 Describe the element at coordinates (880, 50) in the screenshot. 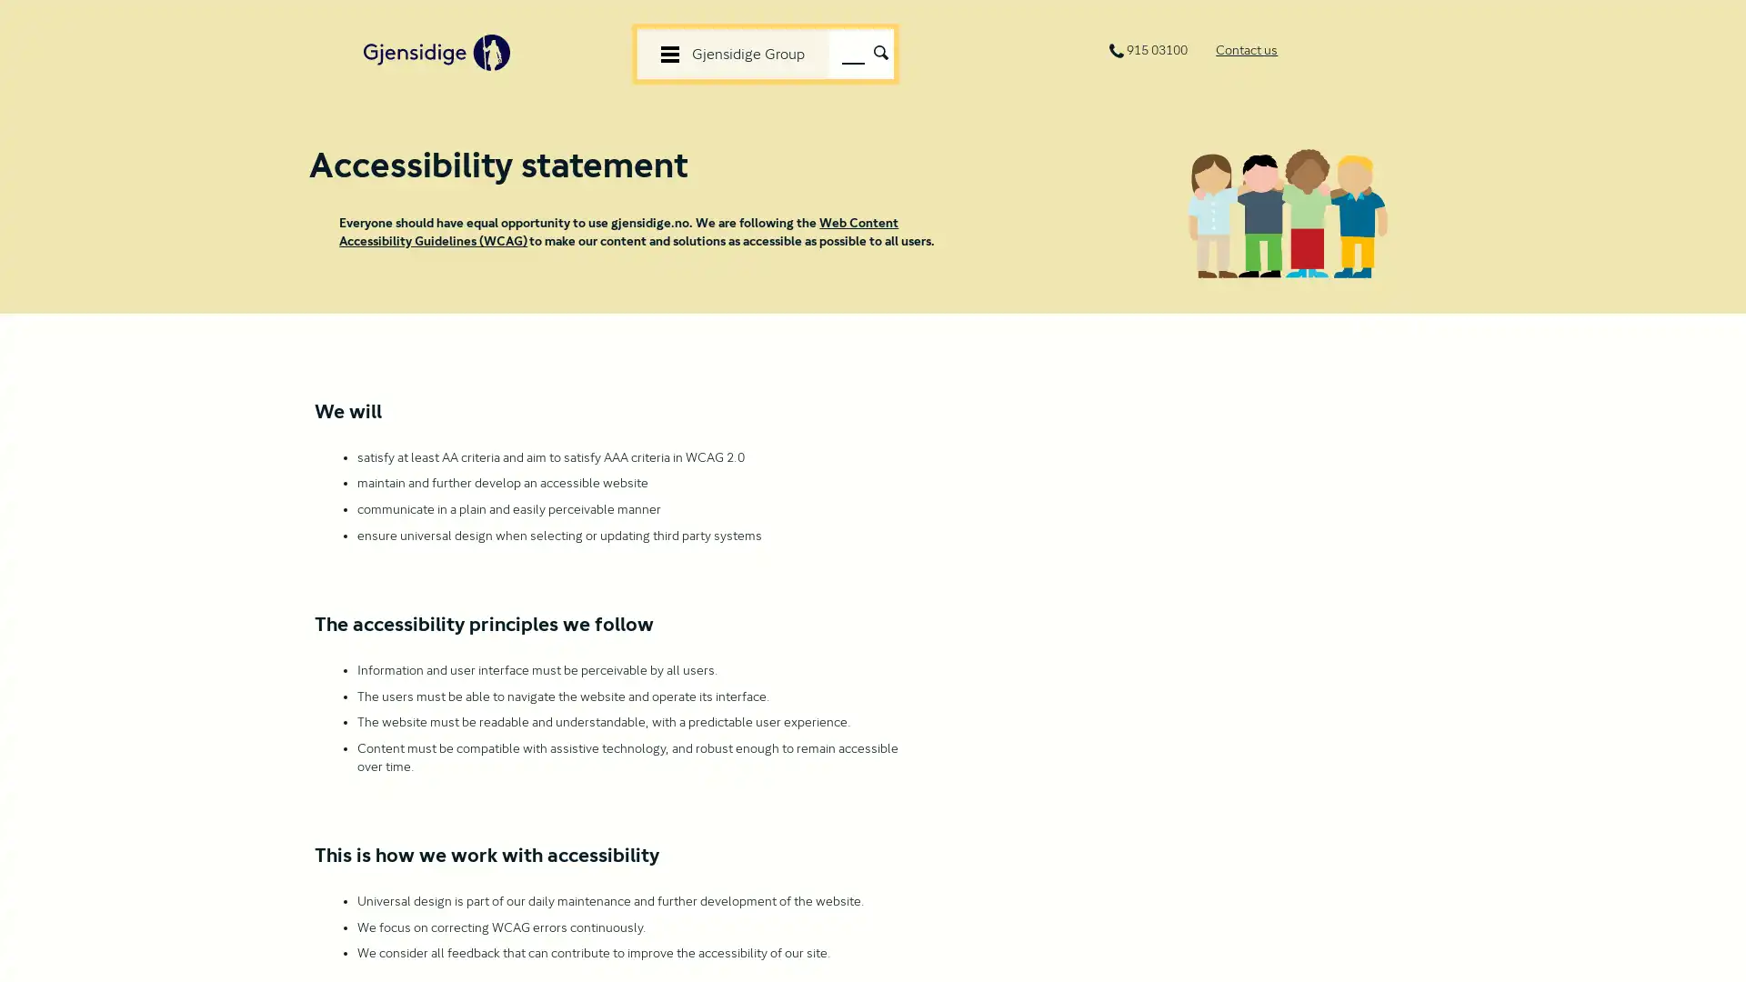

I see `Search button` at that location.